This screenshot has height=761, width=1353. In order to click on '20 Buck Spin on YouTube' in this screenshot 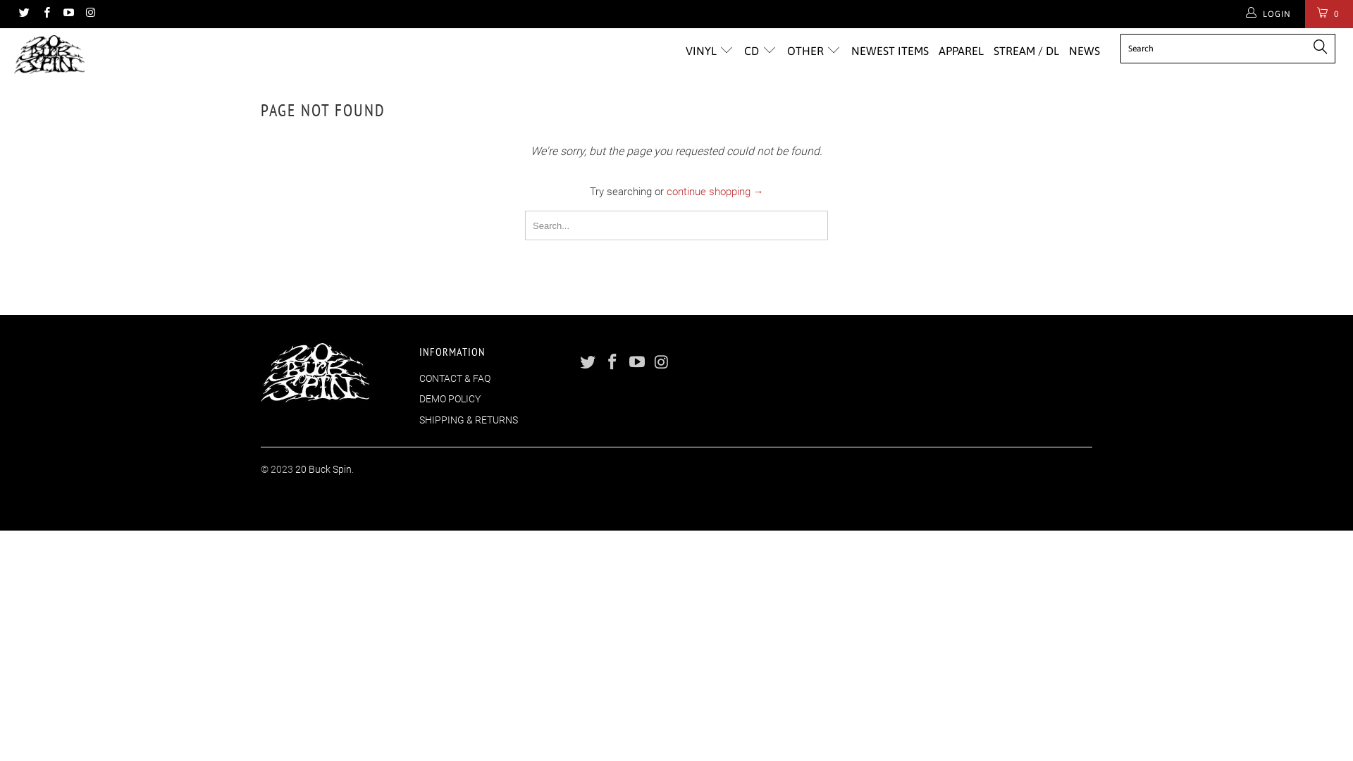, I will do `click(67, 13)`.